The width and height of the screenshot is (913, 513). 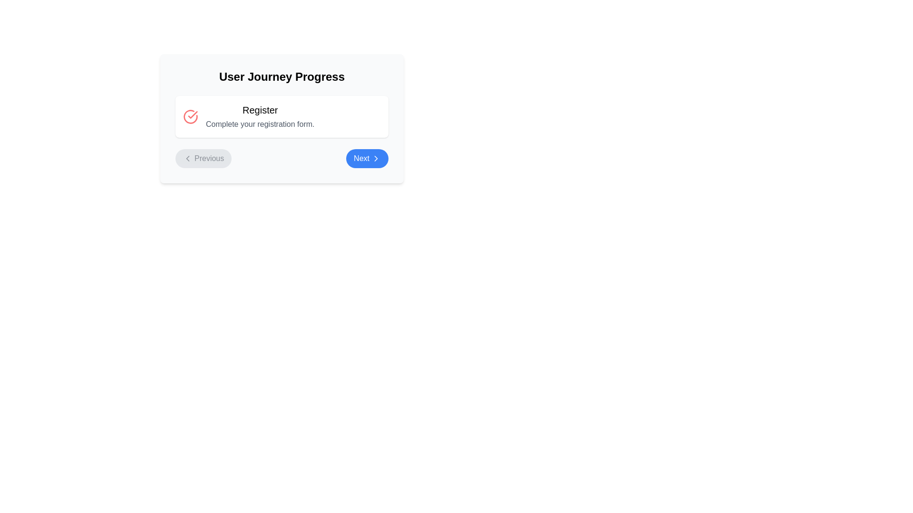 I want to click on the 'Next' button located in the lower right corner of the card component, which contains a chevron icon indicating navigation to the next step, so click(x=376, y=158).